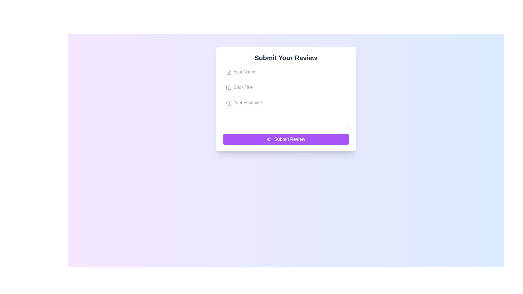 Image resolution: width=523 pixels, height=294 pixels. What do you see at coordinates (229, 103) in the screenshot?
I see `the smiling face SVG icon located on the left side of the 'Your Feedback' text area in the feedback form` at bounding box center [229, 103].